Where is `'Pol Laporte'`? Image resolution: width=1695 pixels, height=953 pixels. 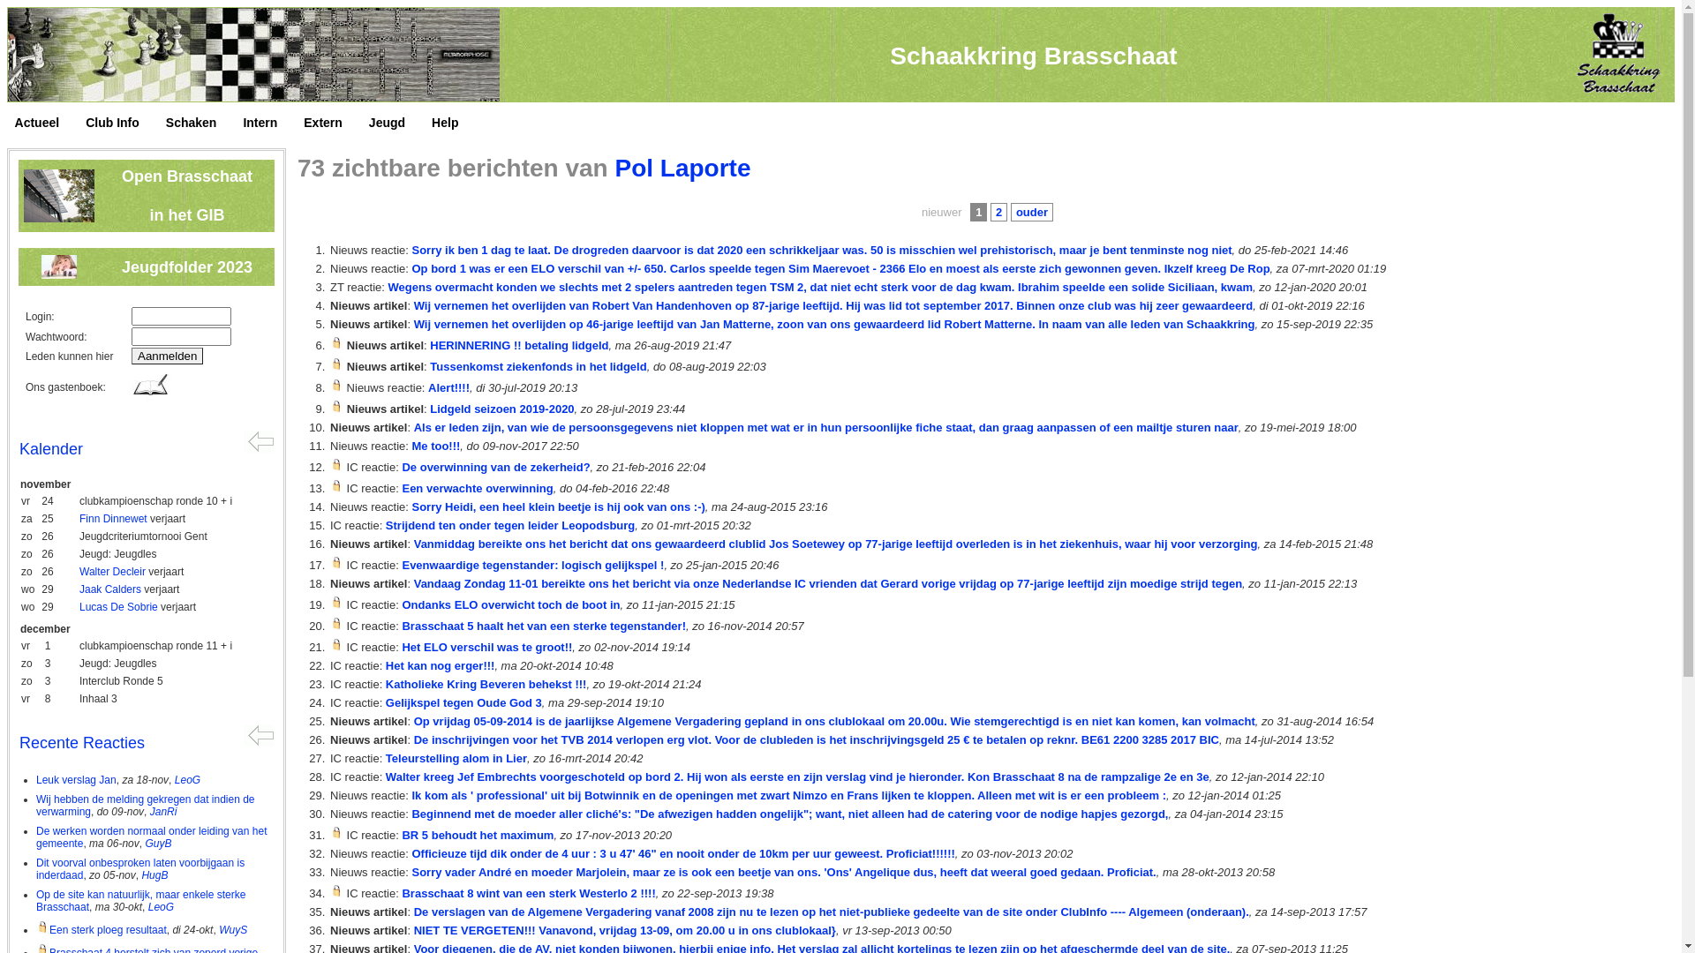 'Pol Laporte' is located at coordinates (681, 168).